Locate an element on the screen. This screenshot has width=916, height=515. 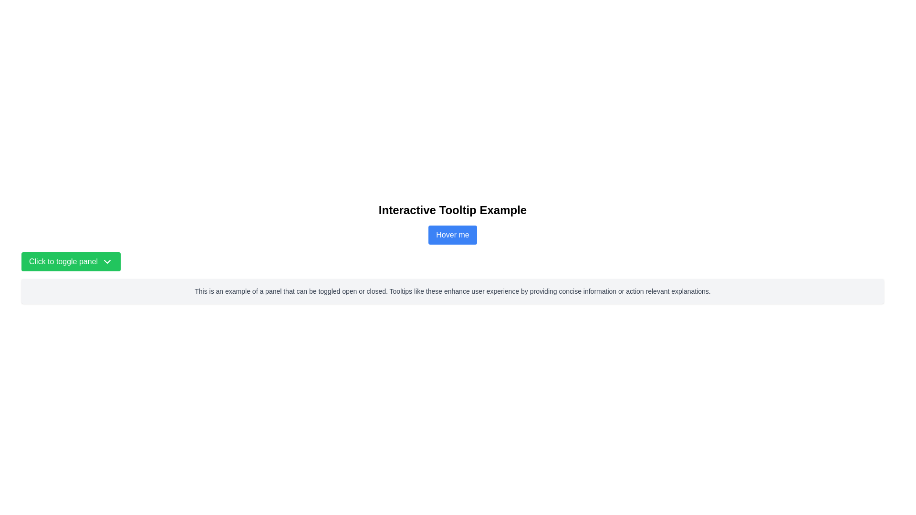
the small downward-facing chevron icon located on the right side of the green button labeled 'Click to toggle panel' is located at coordinates (107, 261).